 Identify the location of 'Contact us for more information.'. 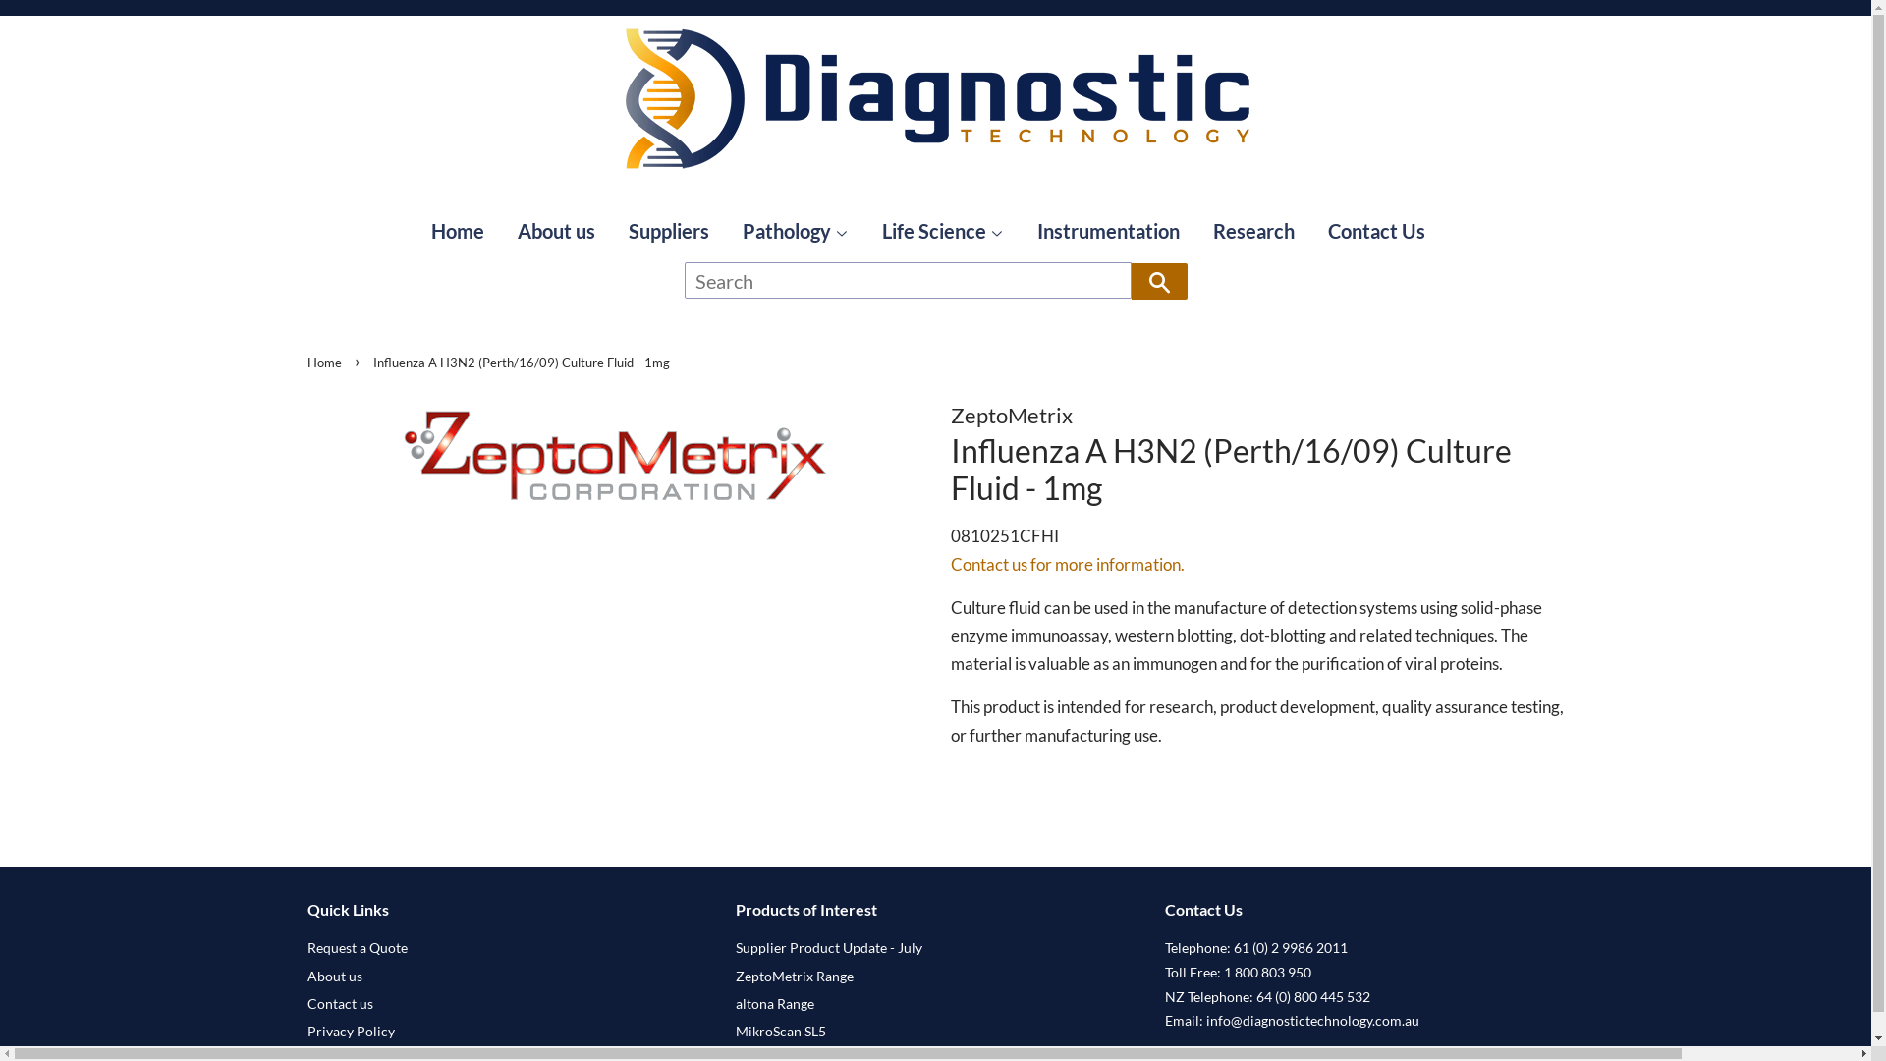
(1066, 564).